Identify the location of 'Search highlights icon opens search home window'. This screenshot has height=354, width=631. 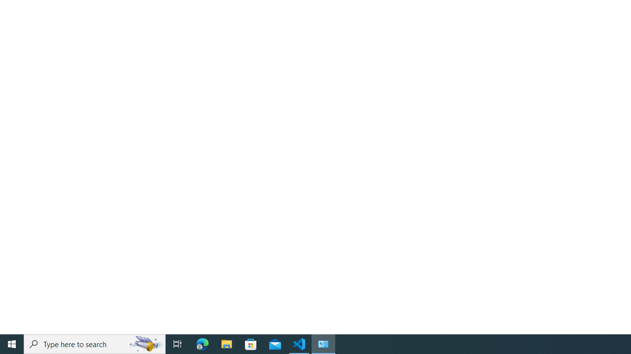
(145, 343).